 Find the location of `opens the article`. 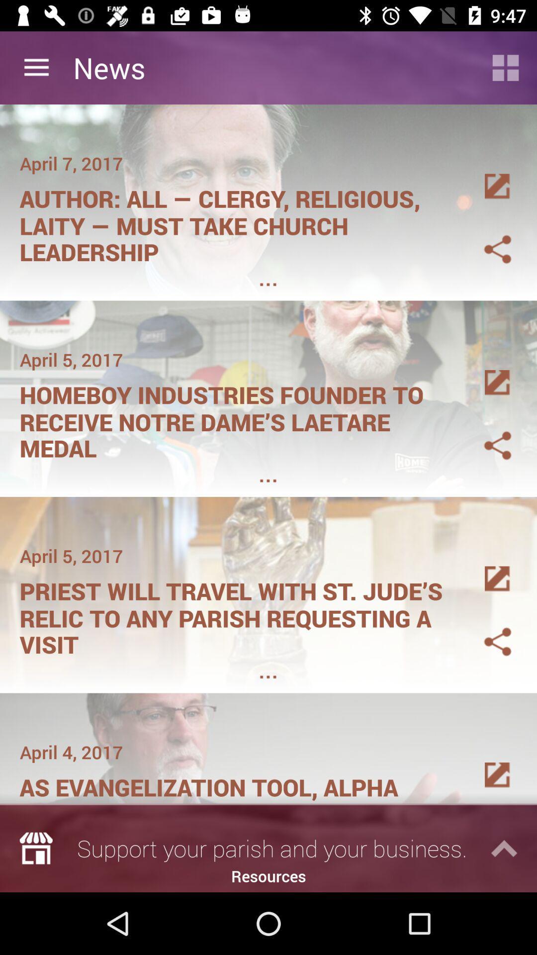

opens the article is located at coordinates (485, 175).